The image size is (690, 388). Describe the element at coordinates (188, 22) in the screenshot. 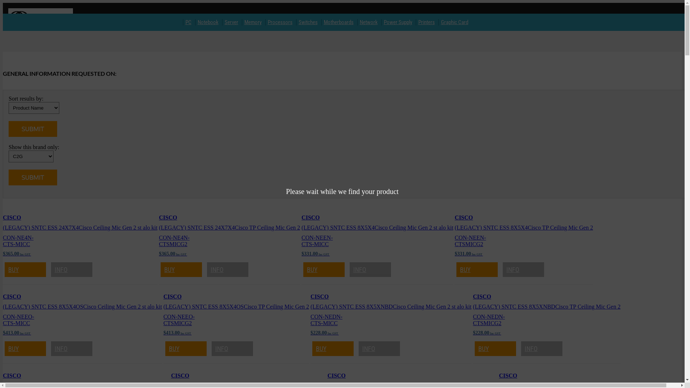

I see `'PC'` at that location.